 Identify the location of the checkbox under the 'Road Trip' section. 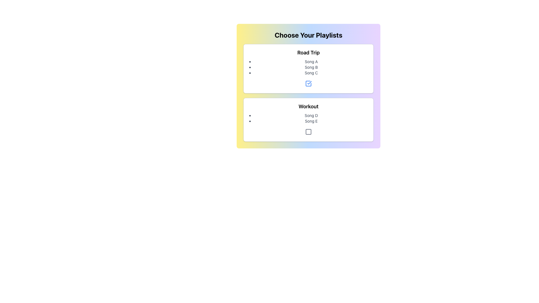
(308, 83).